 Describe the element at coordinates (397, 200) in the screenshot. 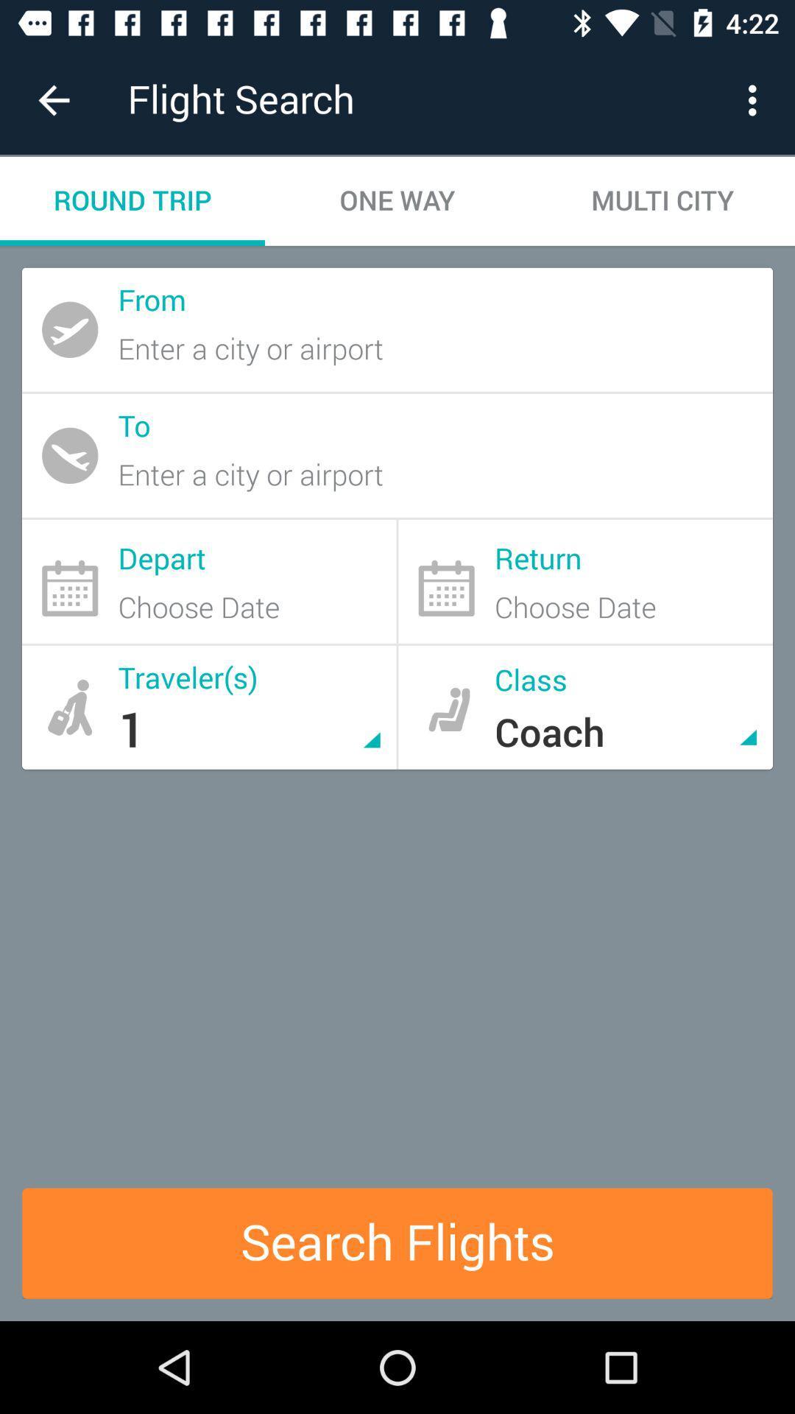

I see `icon to the left of multi city` at that location.